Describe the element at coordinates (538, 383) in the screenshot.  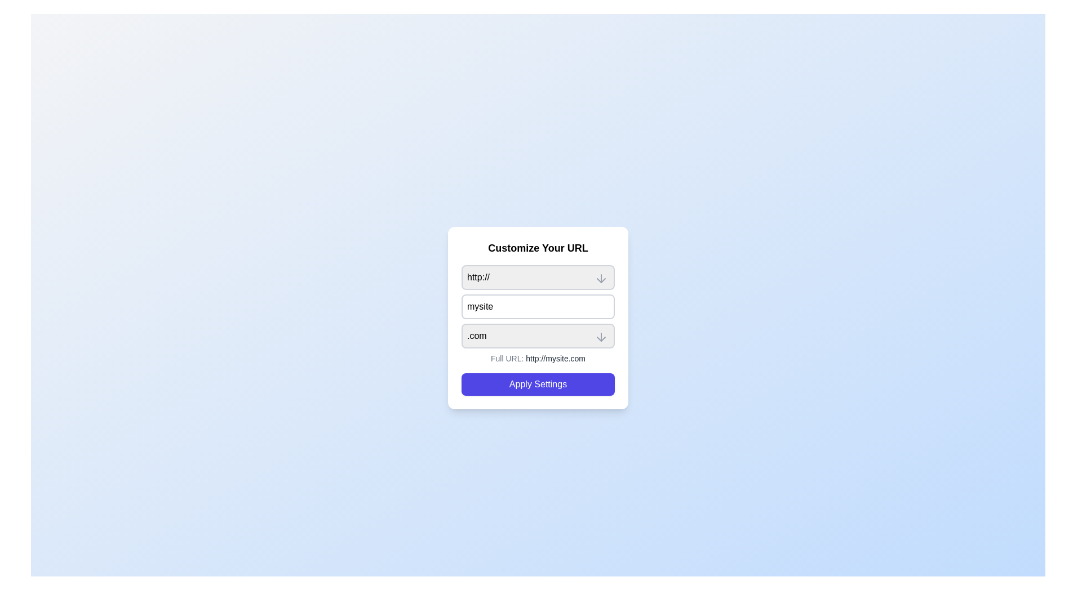
I see `the button located at the bottom of the dialog box, directly below the label 'Full URL: http://mysite.com', to apply the settings` at that location.